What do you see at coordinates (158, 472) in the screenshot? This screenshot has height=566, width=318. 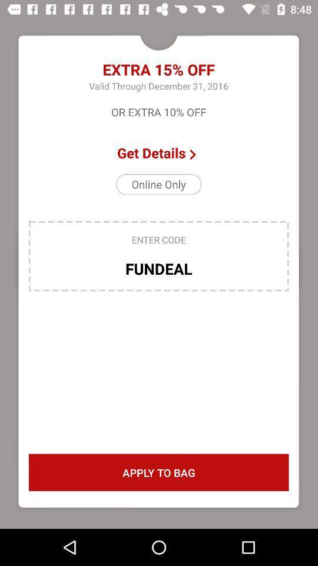 I see `the apply to bag icon` at bounding box center [158, 472].